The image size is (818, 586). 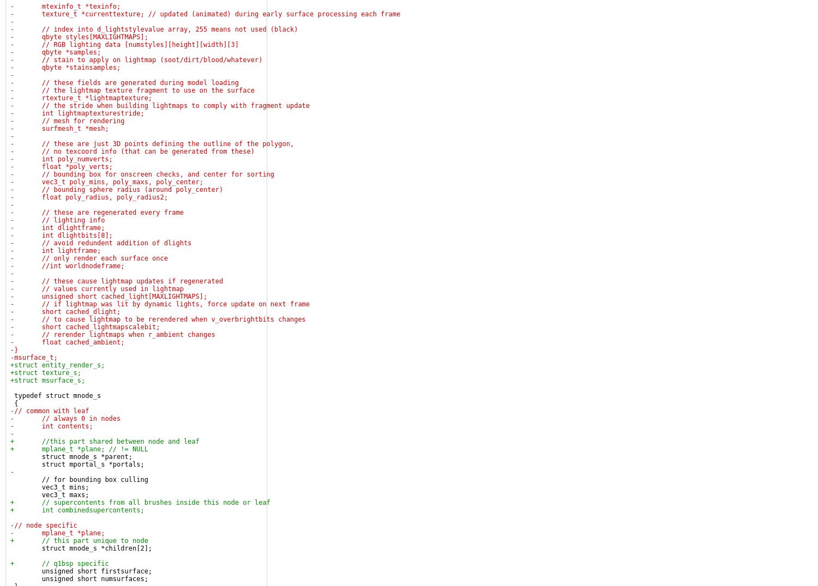 I want to click on '-       int lightmaptexturestride;', so click(x=77, y=113).